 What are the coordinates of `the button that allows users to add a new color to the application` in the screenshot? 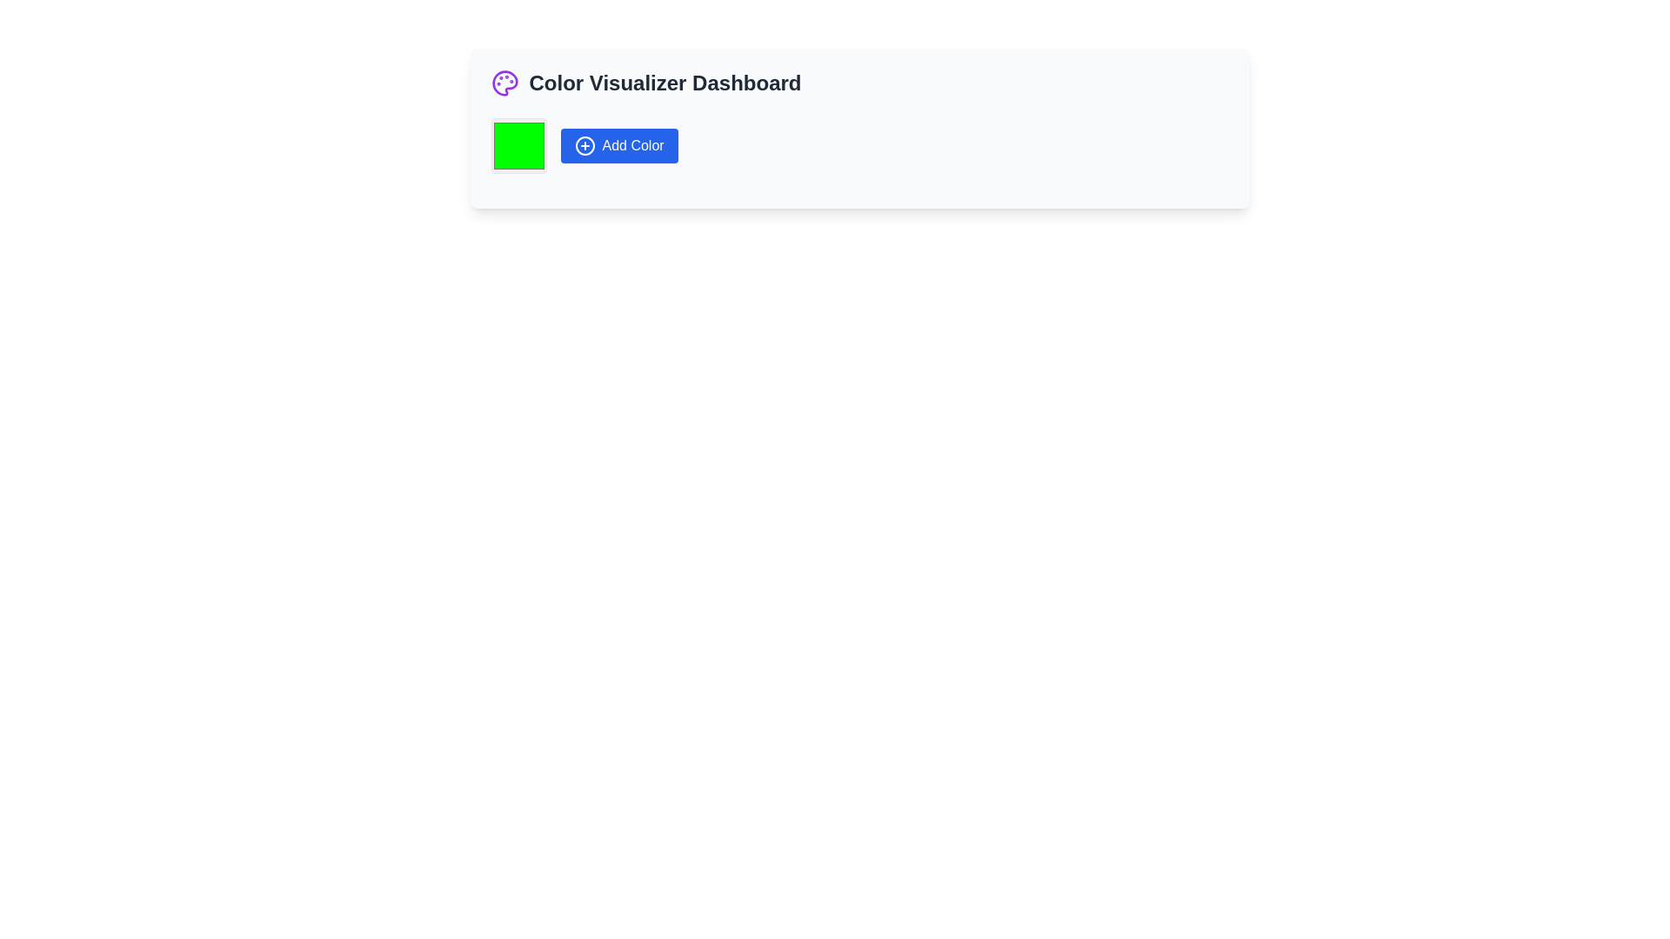 It's located at (619, 145).